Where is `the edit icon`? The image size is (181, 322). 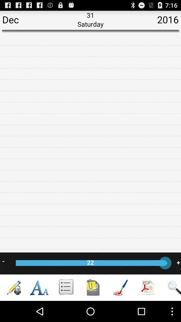
the edit icon is located at coordinates (14, 308).